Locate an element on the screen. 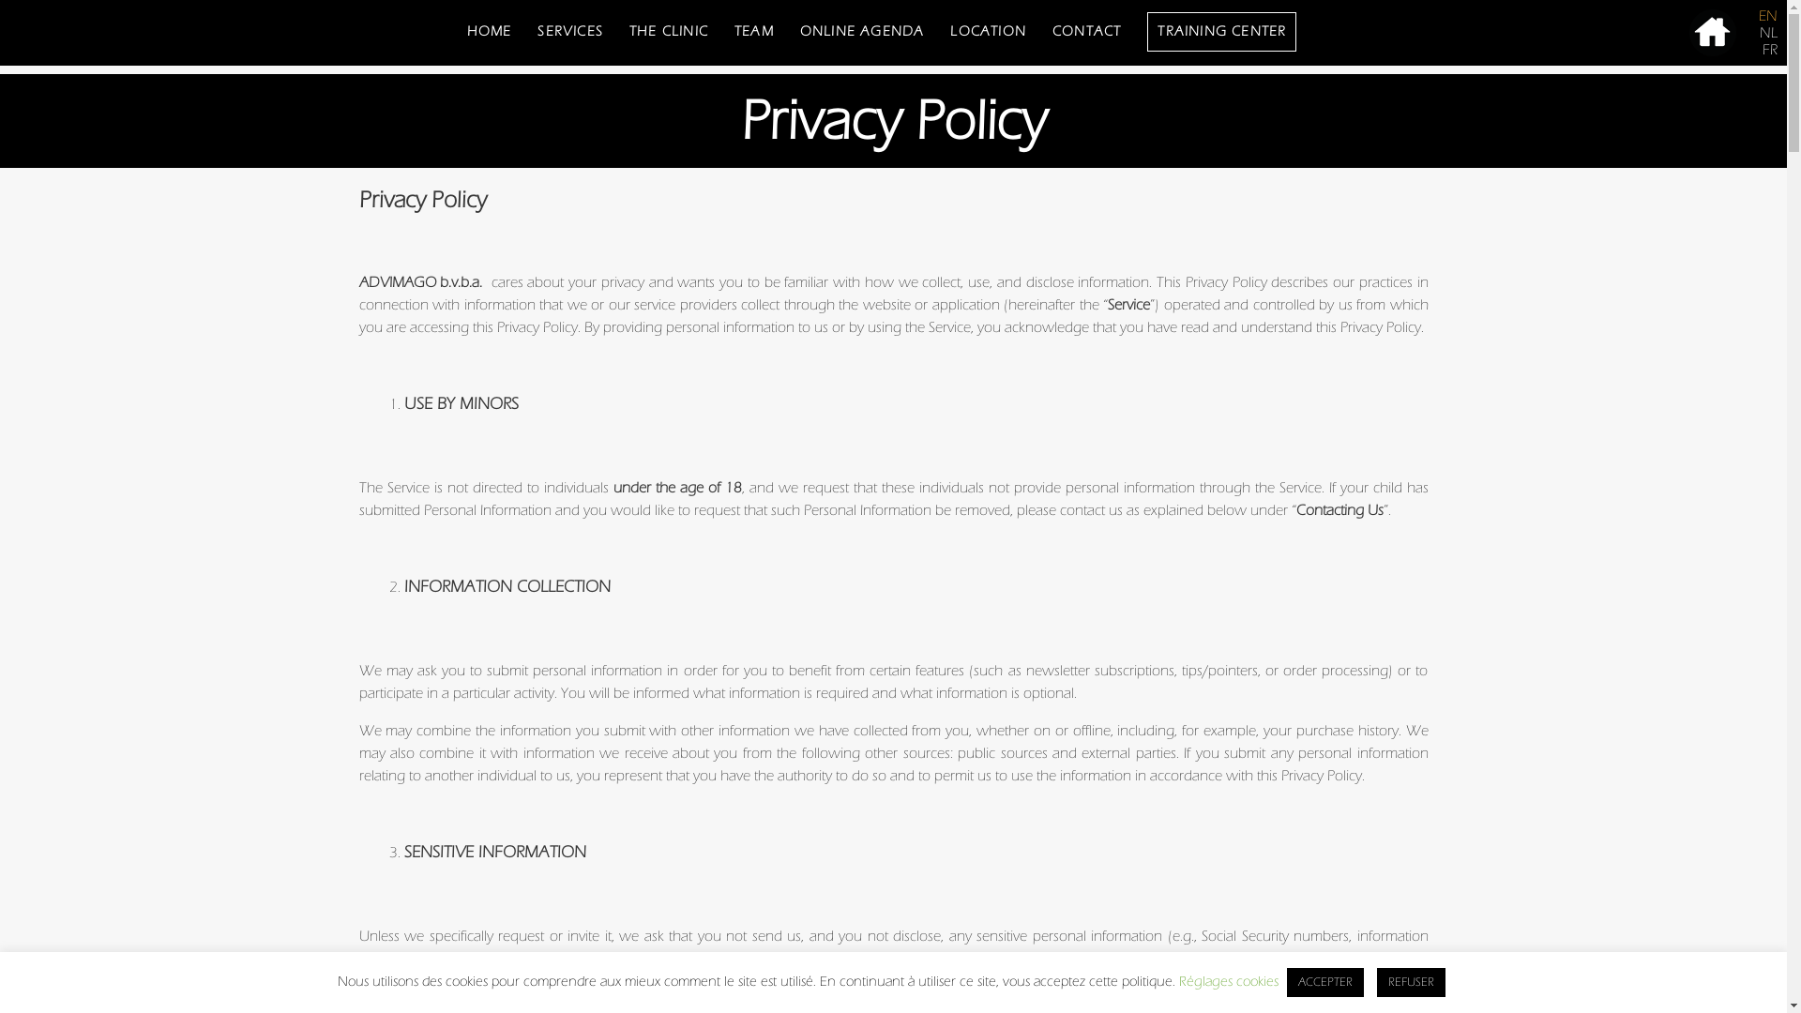  'CONTACT' is located at coordinates (1086, 29).